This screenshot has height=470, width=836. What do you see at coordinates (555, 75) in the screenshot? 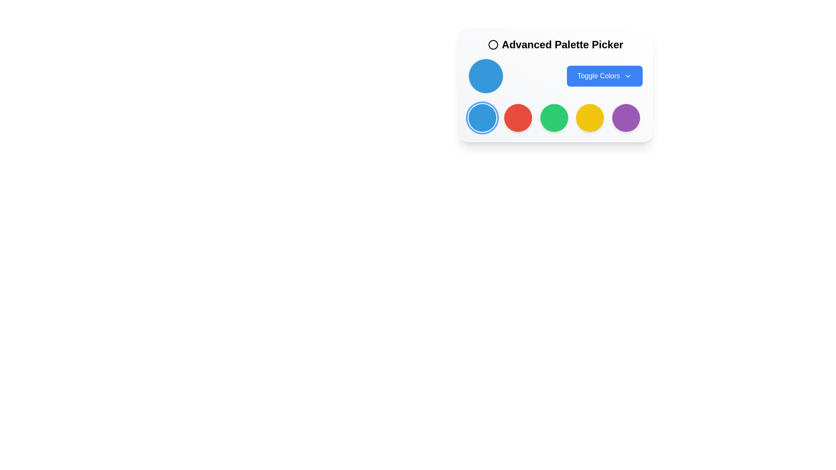
I see `the blue button located in the control section of the Advanced Palette Picker` at bounding box center [555, 75].